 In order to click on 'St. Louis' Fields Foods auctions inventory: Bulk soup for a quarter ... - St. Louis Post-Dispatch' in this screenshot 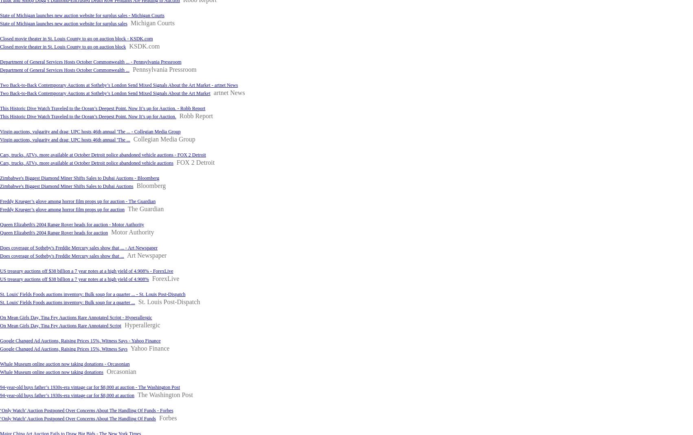, I will do `click(0, 294)`.